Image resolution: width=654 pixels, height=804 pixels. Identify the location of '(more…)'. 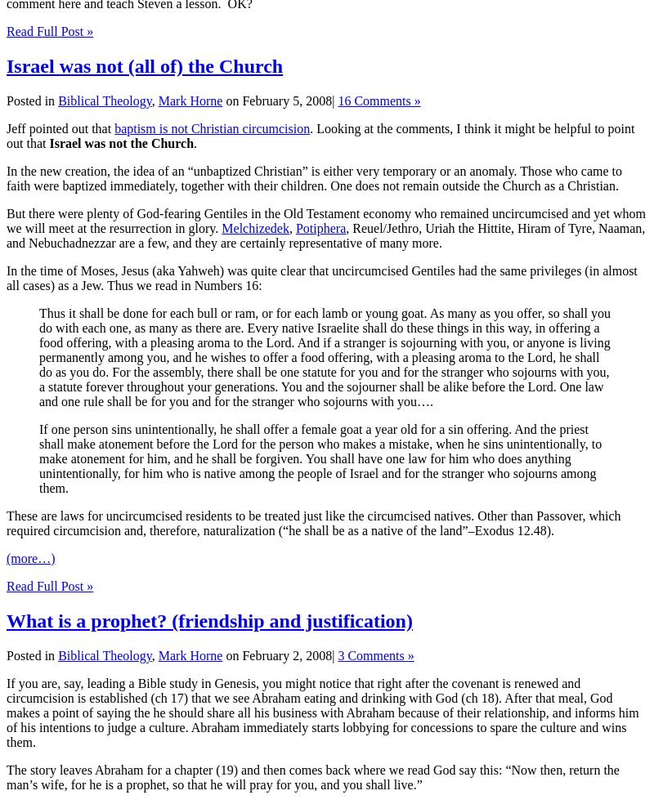
(29, 558).